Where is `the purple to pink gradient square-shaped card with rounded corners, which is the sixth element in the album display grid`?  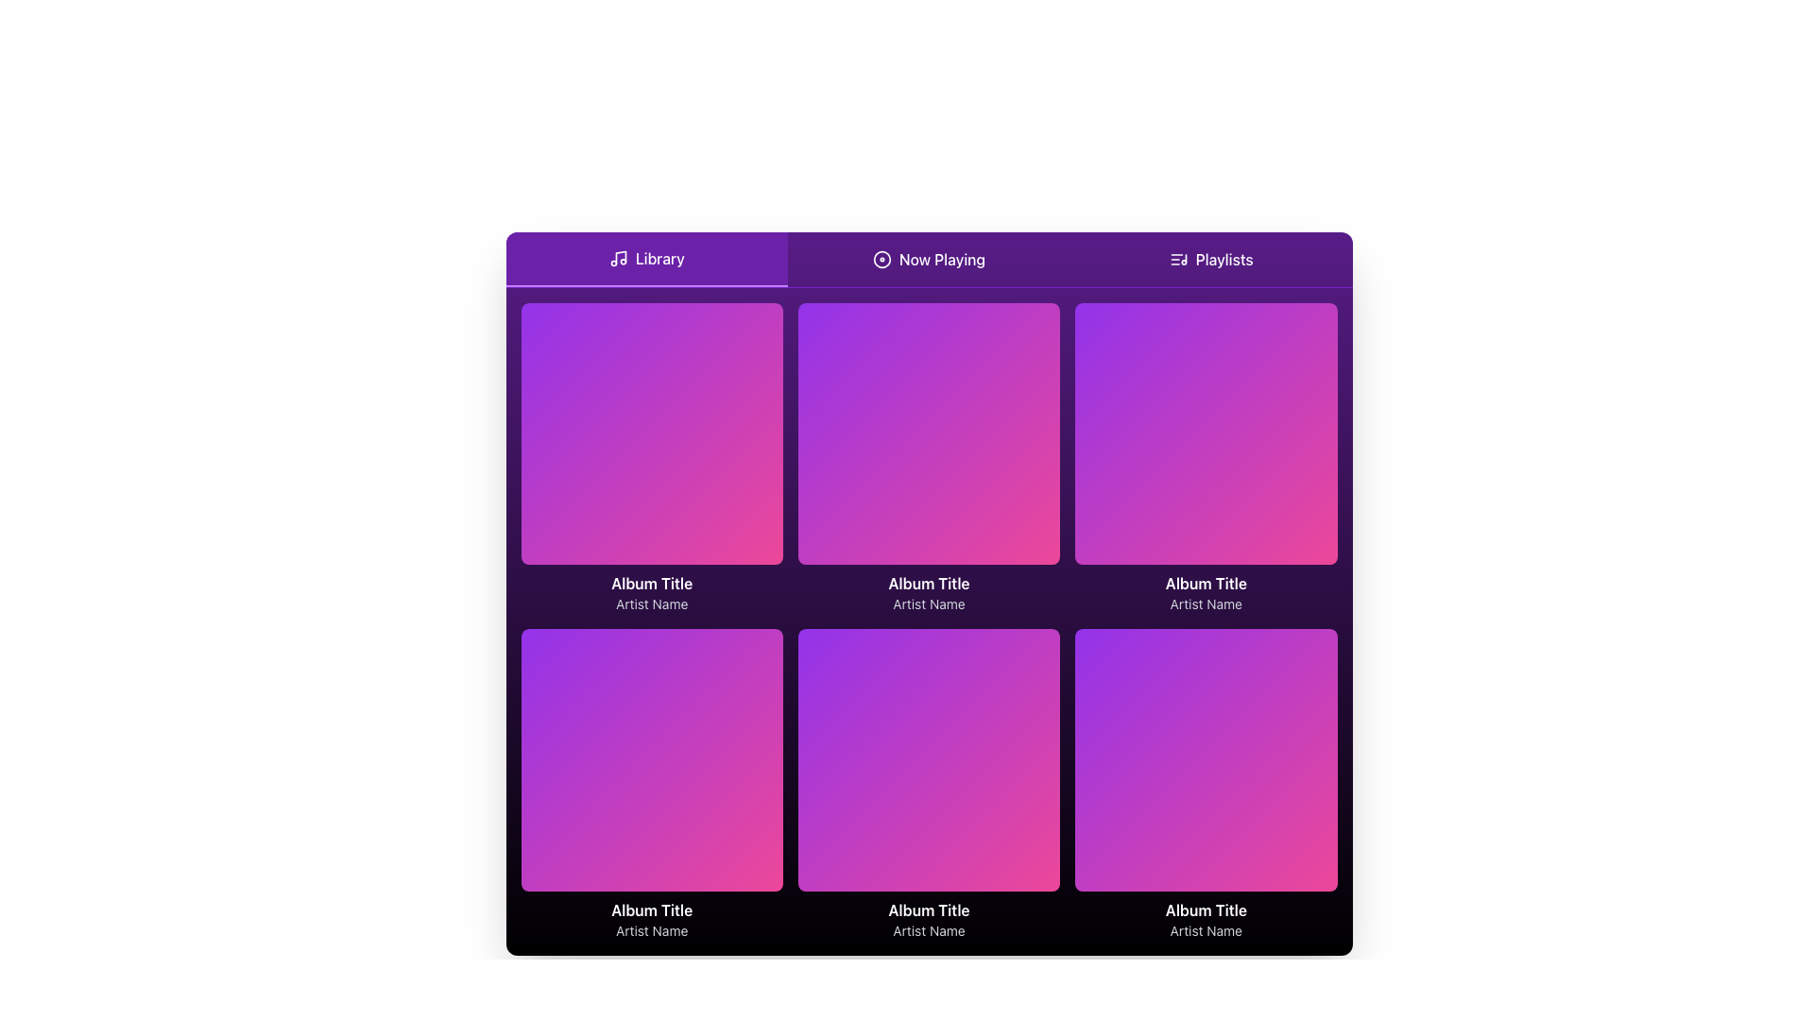 the purple to pink gradient square-shaped card with rounded corners, which is the sixth element in the album display grid is located at coordinates (1205, 759).